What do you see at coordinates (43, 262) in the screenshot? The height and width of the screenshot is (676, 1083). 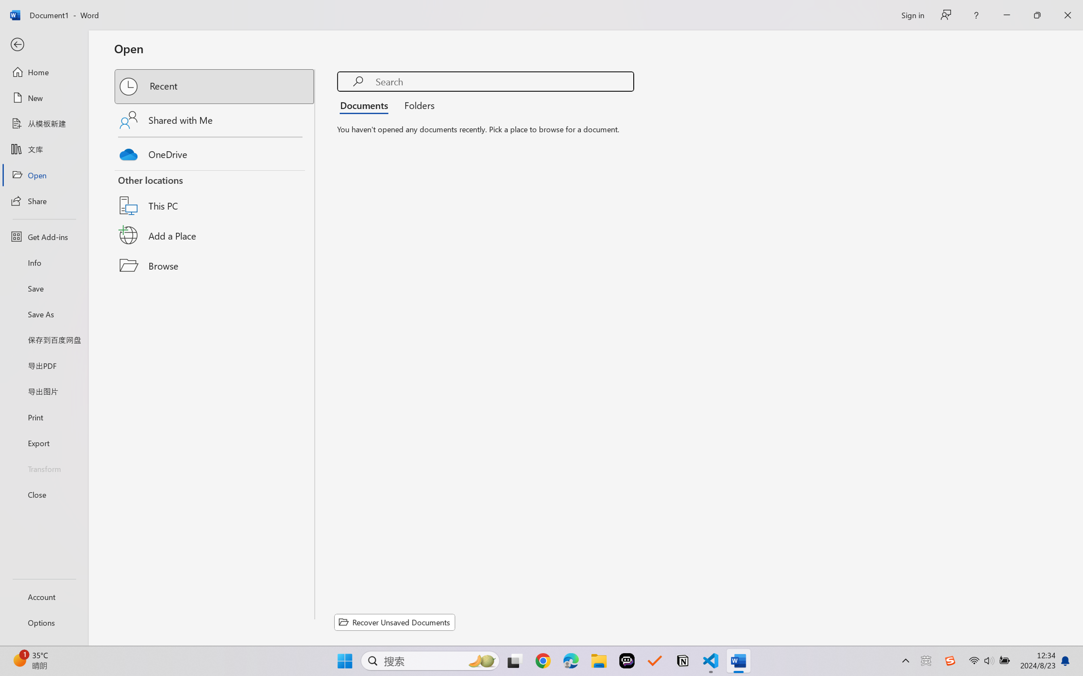 I see `'Info'` at bounding box center [43, 262].